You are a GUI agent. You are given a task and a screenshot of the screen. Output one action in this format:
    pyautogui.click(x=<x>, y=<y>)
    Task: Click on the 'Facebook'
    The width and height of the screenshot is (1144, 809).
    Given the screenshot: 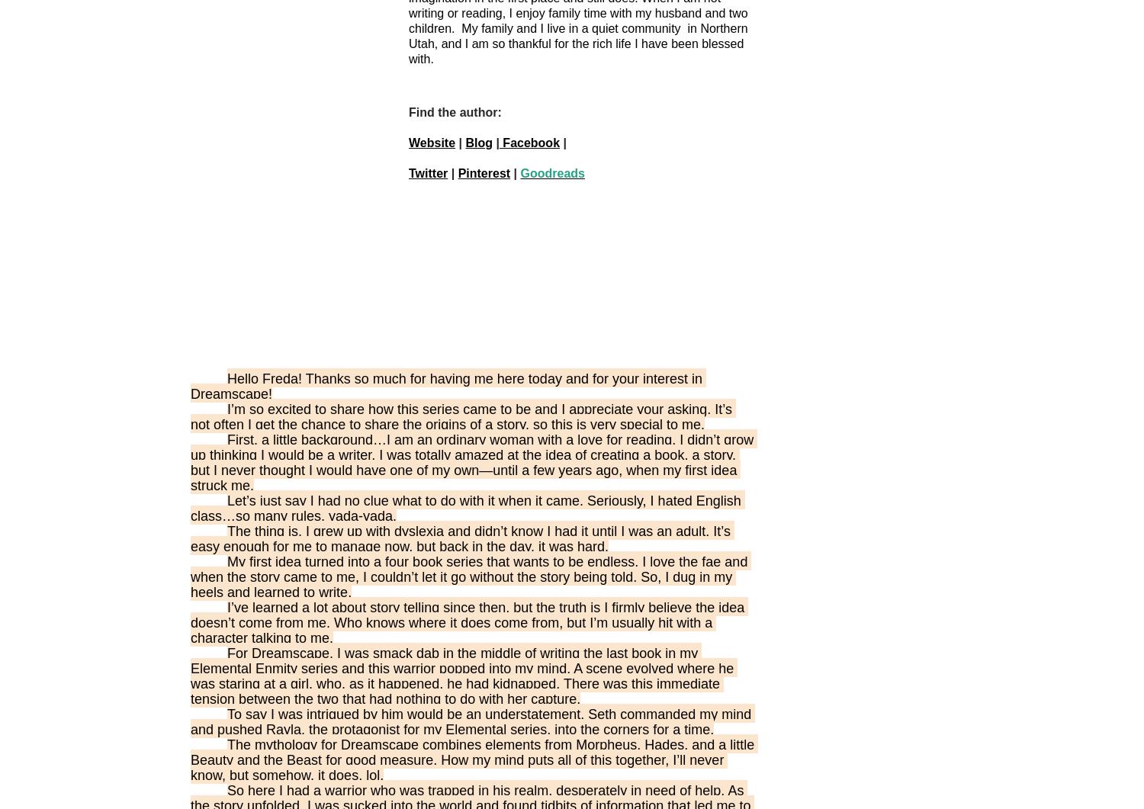 What is the action you would take?
    pyautogui.click(x=529, y=142)
    